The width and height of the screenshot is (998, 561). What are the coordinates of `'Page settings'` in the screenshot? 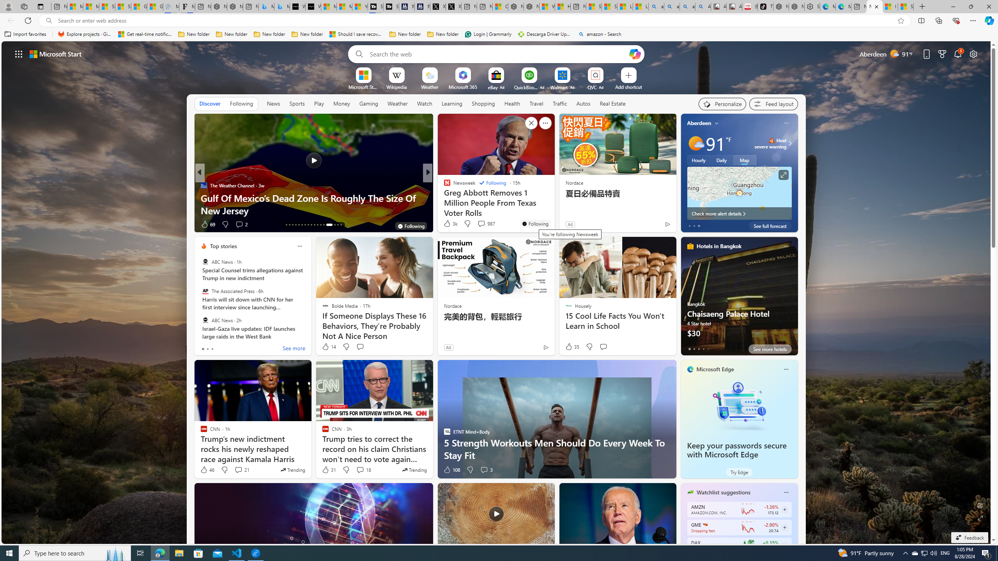 It's located at (973, 53).